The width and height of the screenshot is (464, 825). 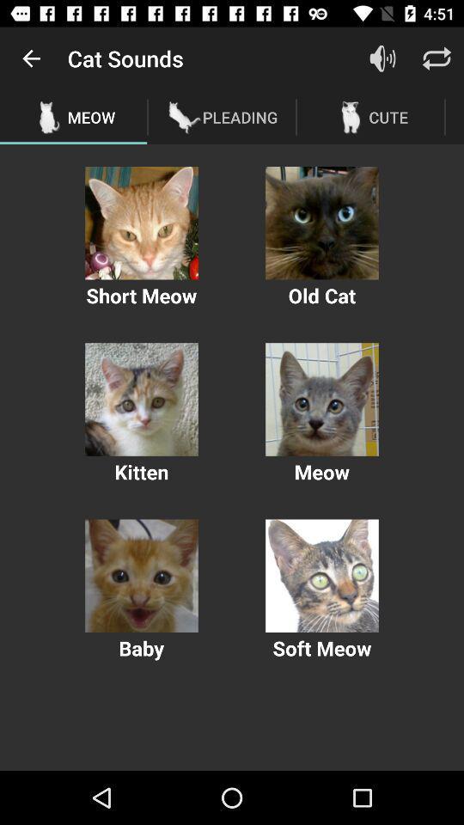 I want to click on makes a baby kitten sound, so click(x=141, y=576).